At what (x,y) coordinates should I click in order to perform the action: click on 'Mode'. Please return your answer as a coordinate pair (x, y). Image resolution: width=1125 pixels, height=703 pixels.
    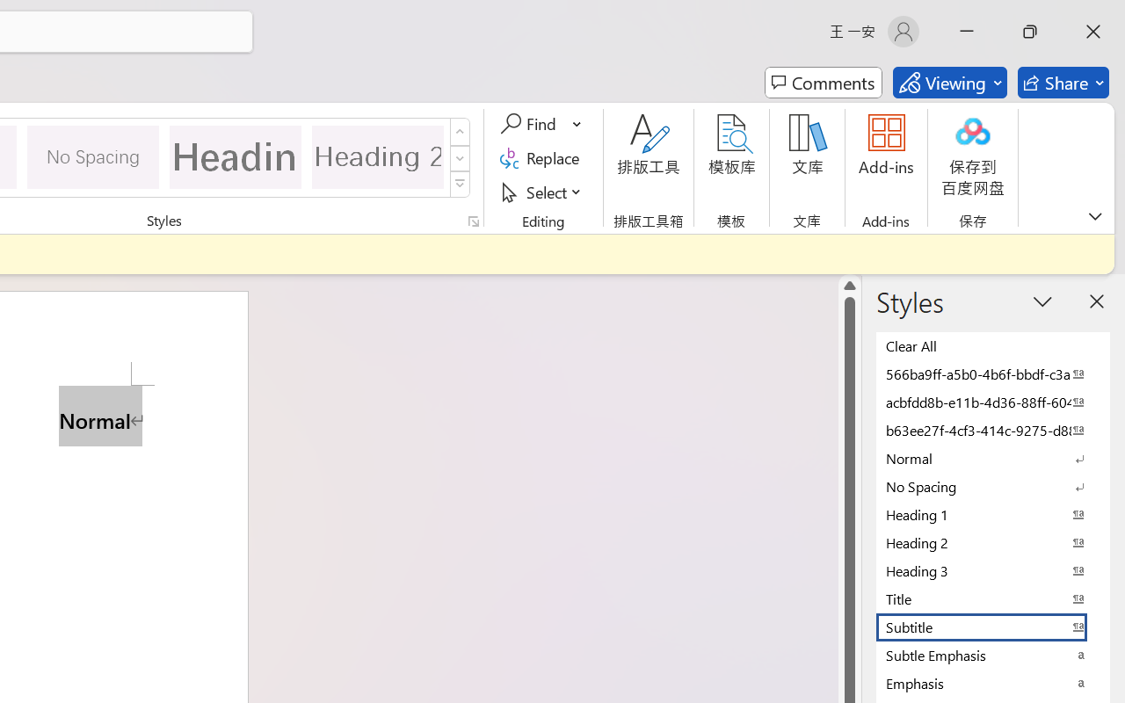
    Looking at the image, I should click on (948, 83).